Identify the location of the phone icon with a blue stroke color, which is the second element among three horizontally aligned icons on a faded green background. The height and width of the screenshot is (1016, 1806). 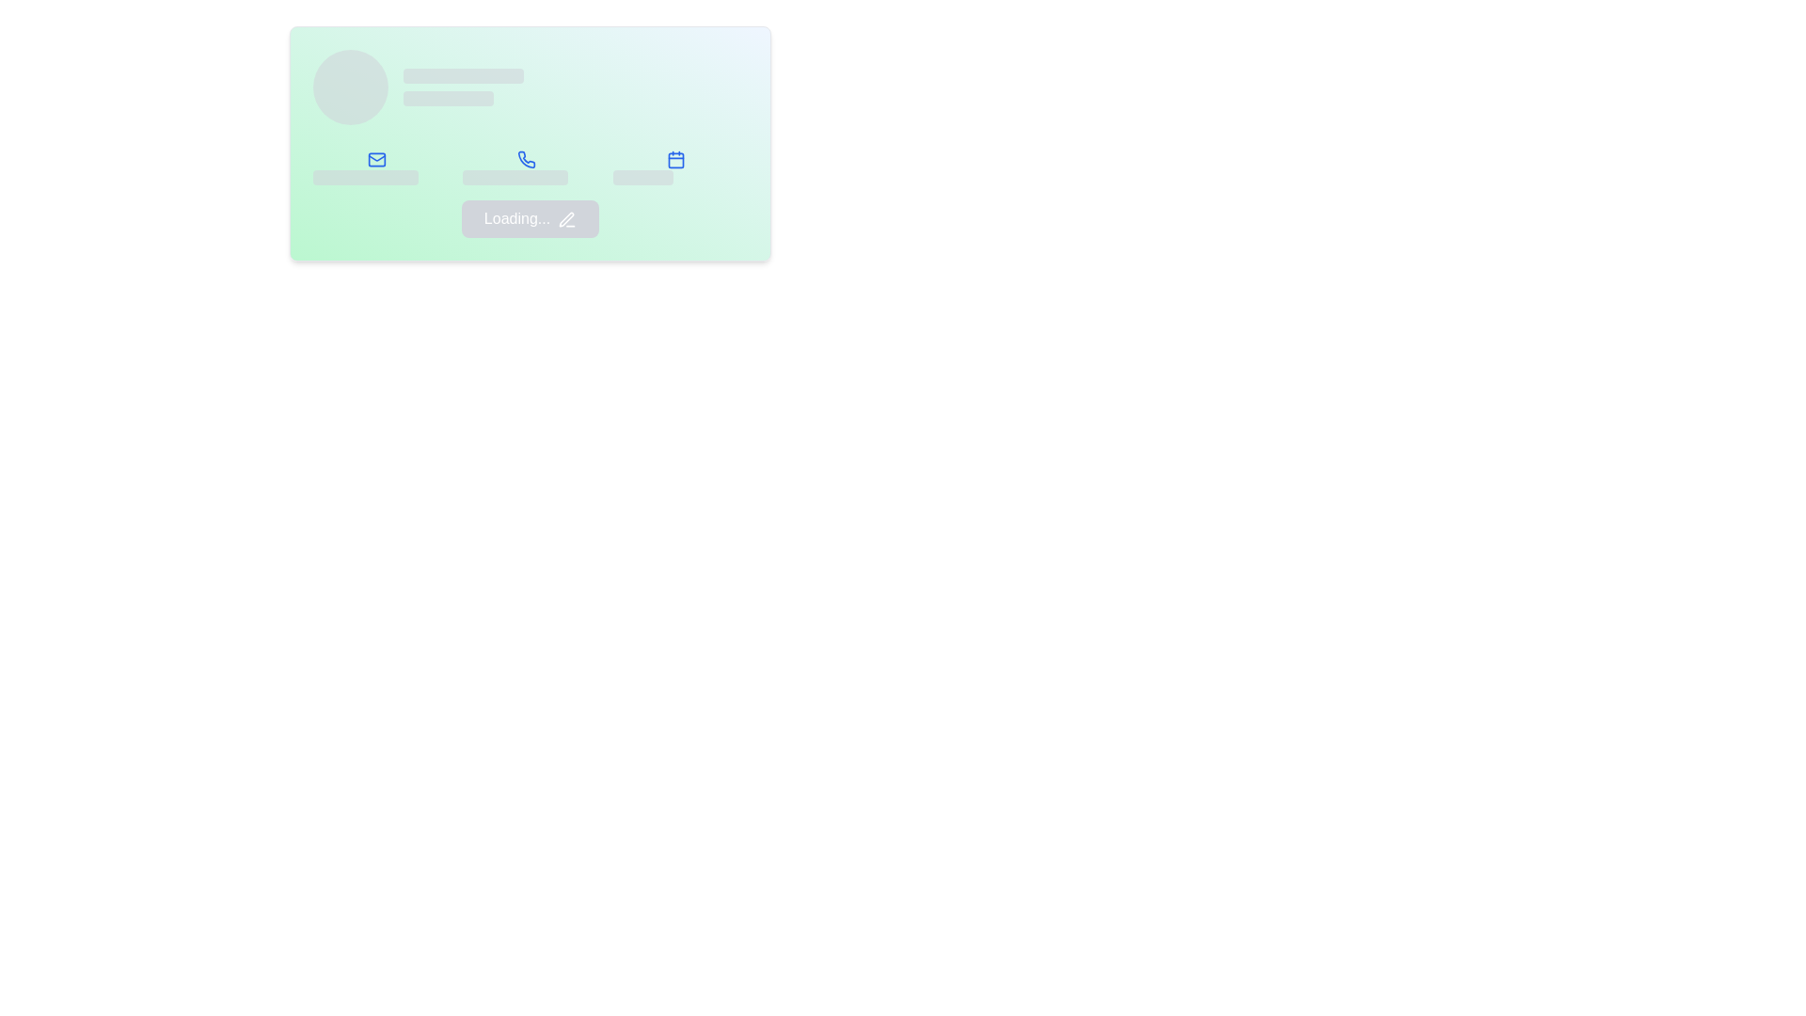
(527, 158).